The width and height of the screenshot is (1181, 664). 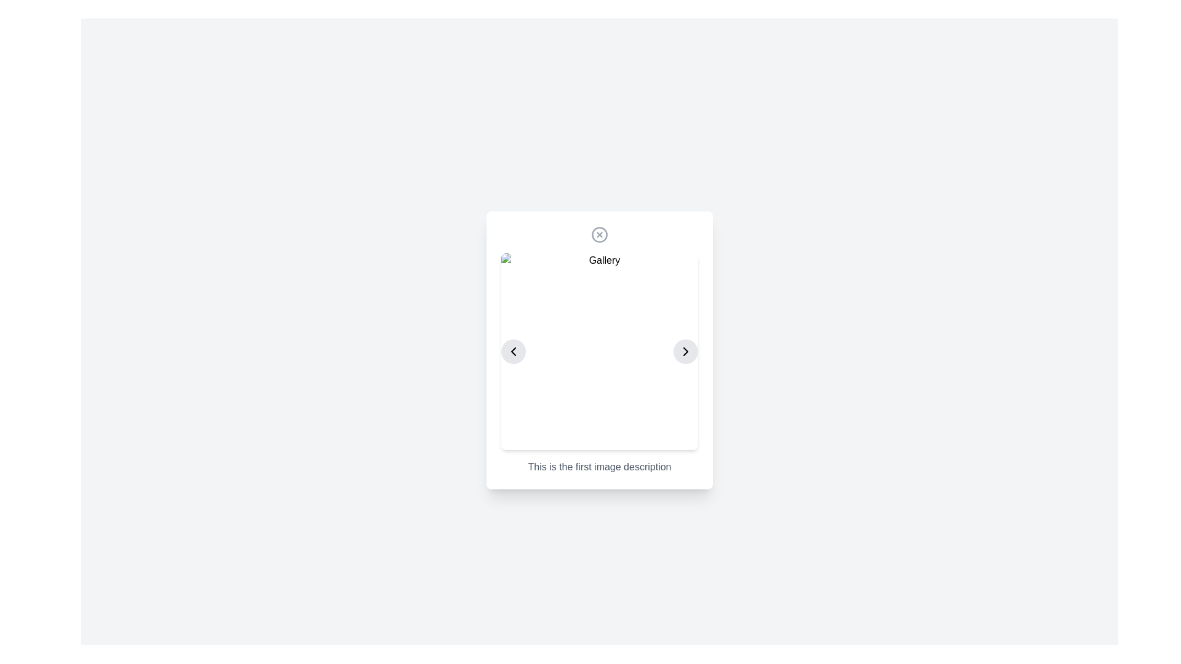 What do you see at coordinates (599, 234) in the screenshot?
I see `the circular component located at the center of the icon representing a cross inside a circle, which is styled with a thin stroke` at bounding box center [599, 234].